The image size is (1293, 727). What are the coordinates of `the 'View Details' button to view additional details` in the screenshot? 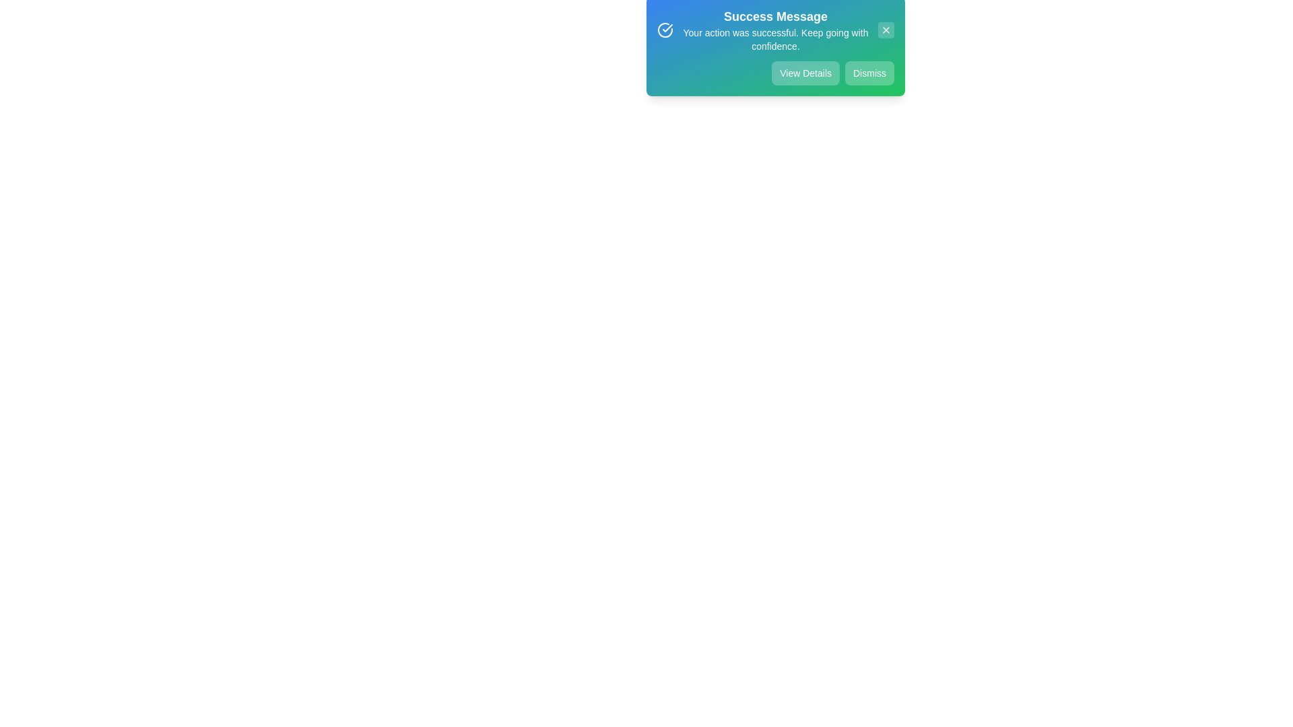 It's located at (805, 81).